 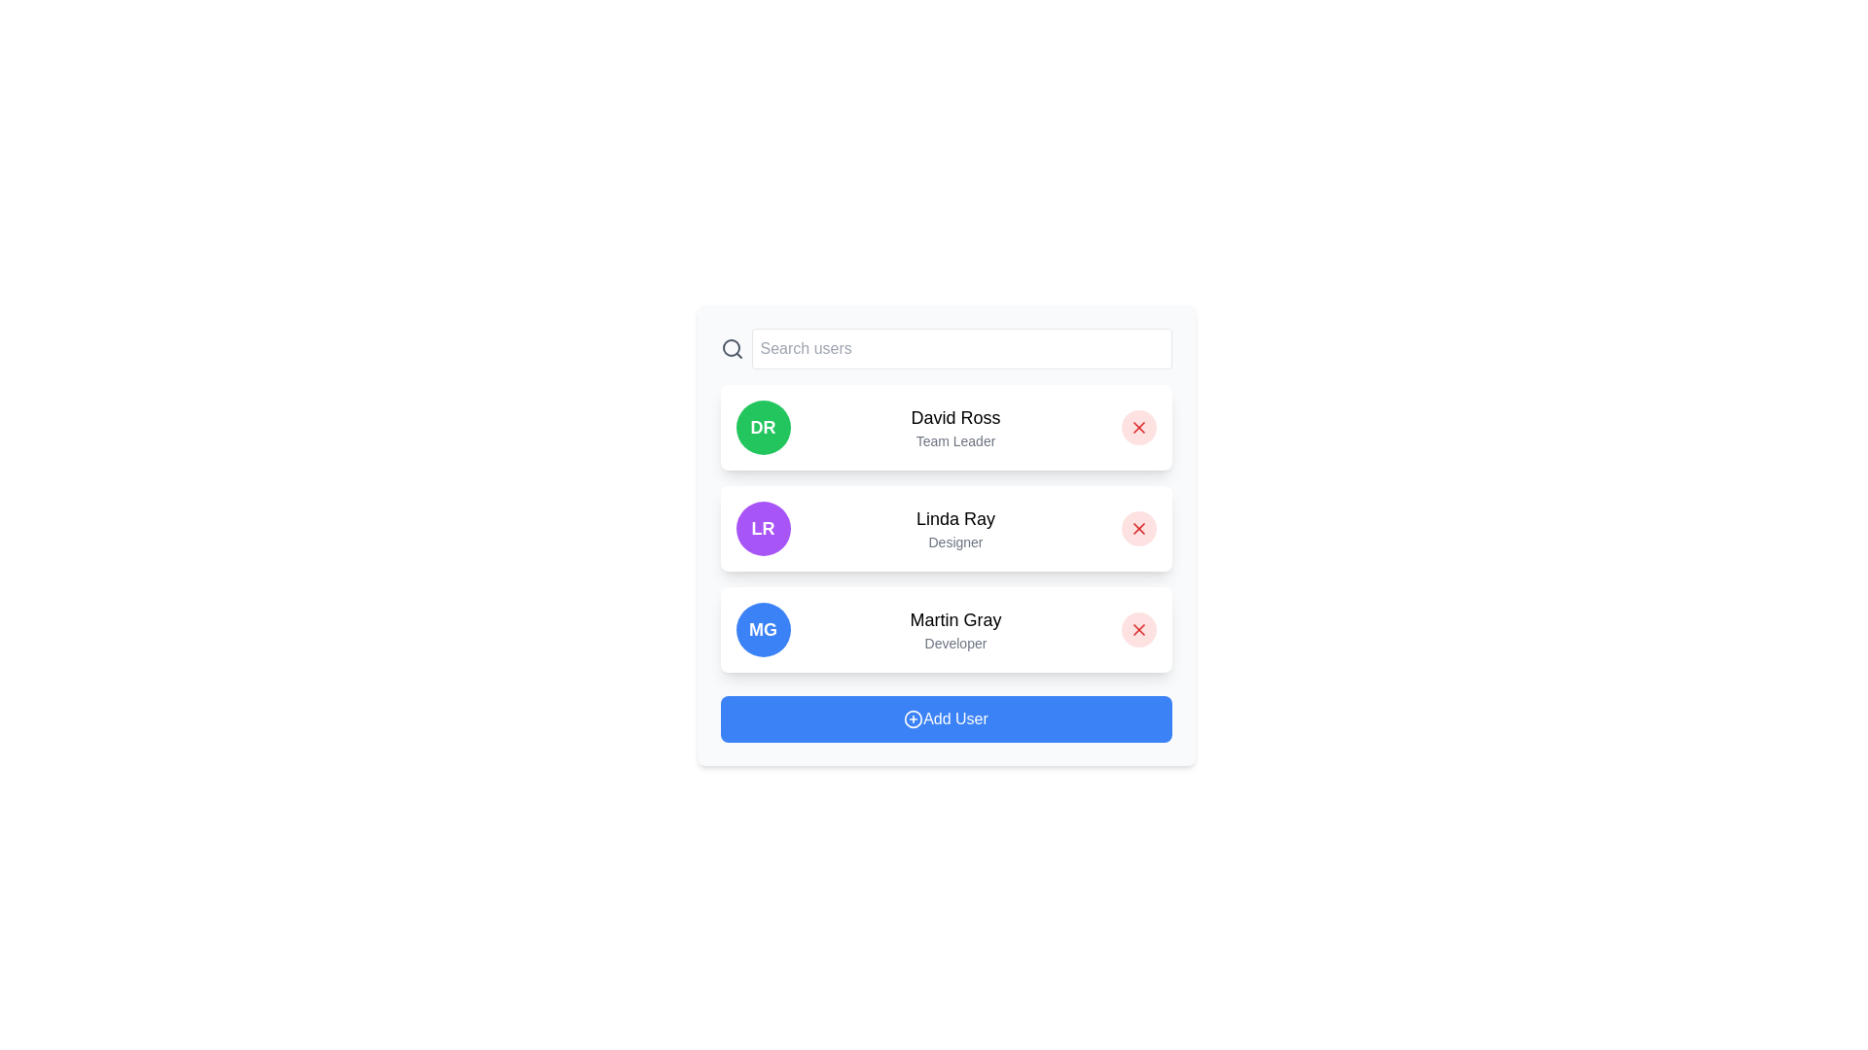 I want to click on the first 'X' shaped icon with a thin red stroke adjacent to the 'David Ross' user entry, so click(x=1138, y=426).